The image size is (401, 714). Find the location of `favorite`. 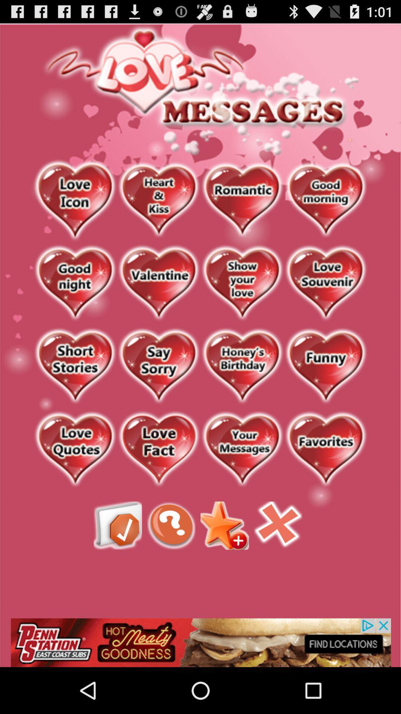

favorite is located at coordinates (158, 449).